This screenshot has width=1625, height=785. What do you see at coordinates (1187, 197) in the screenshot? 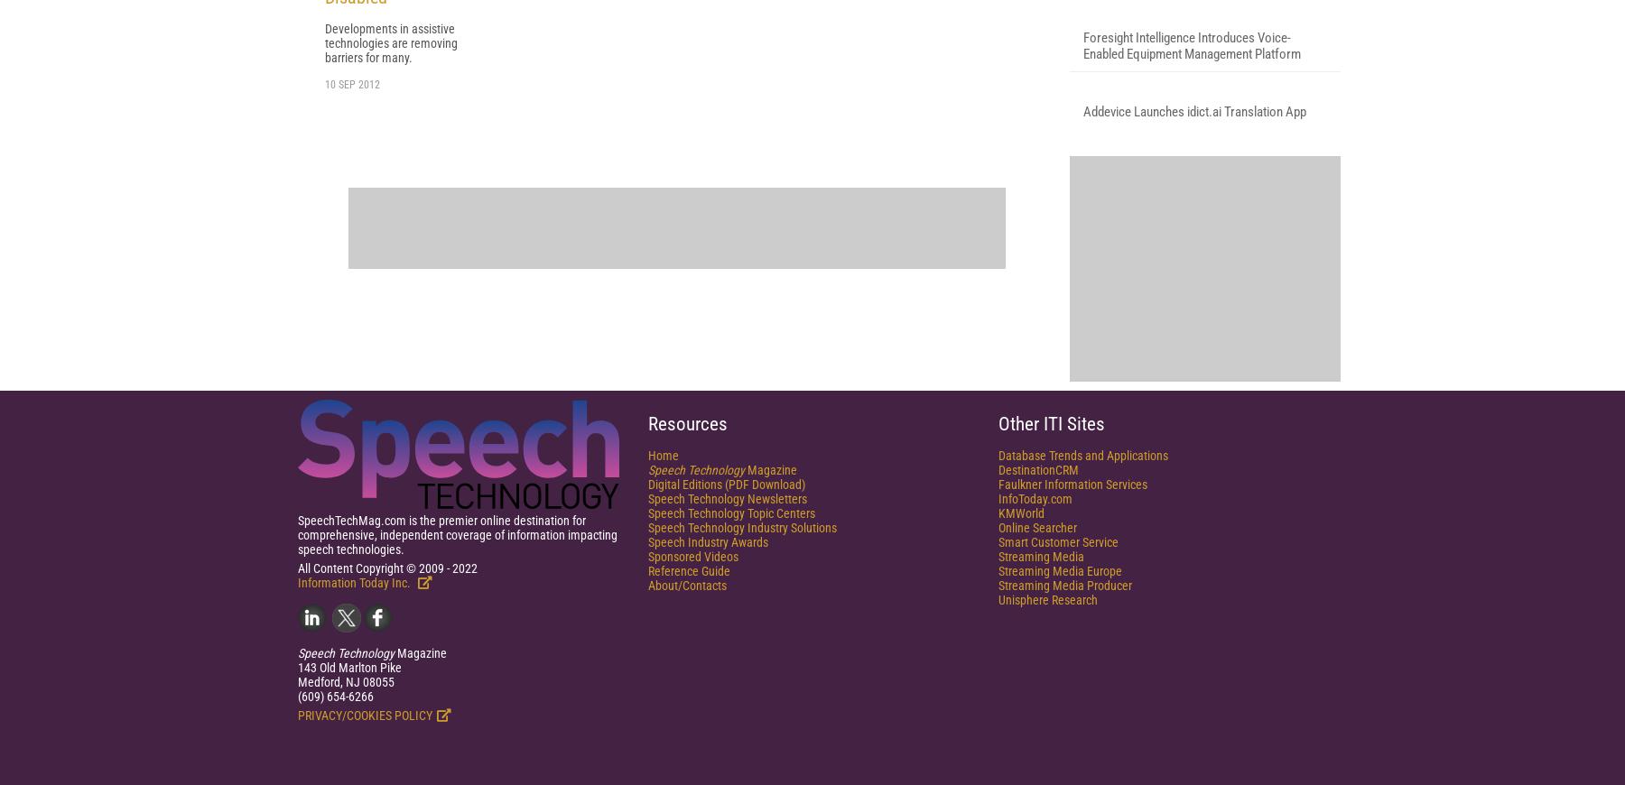
I see `'OpenAI Launches TTS Models and APIs'` at bounding box center [1187, 197].